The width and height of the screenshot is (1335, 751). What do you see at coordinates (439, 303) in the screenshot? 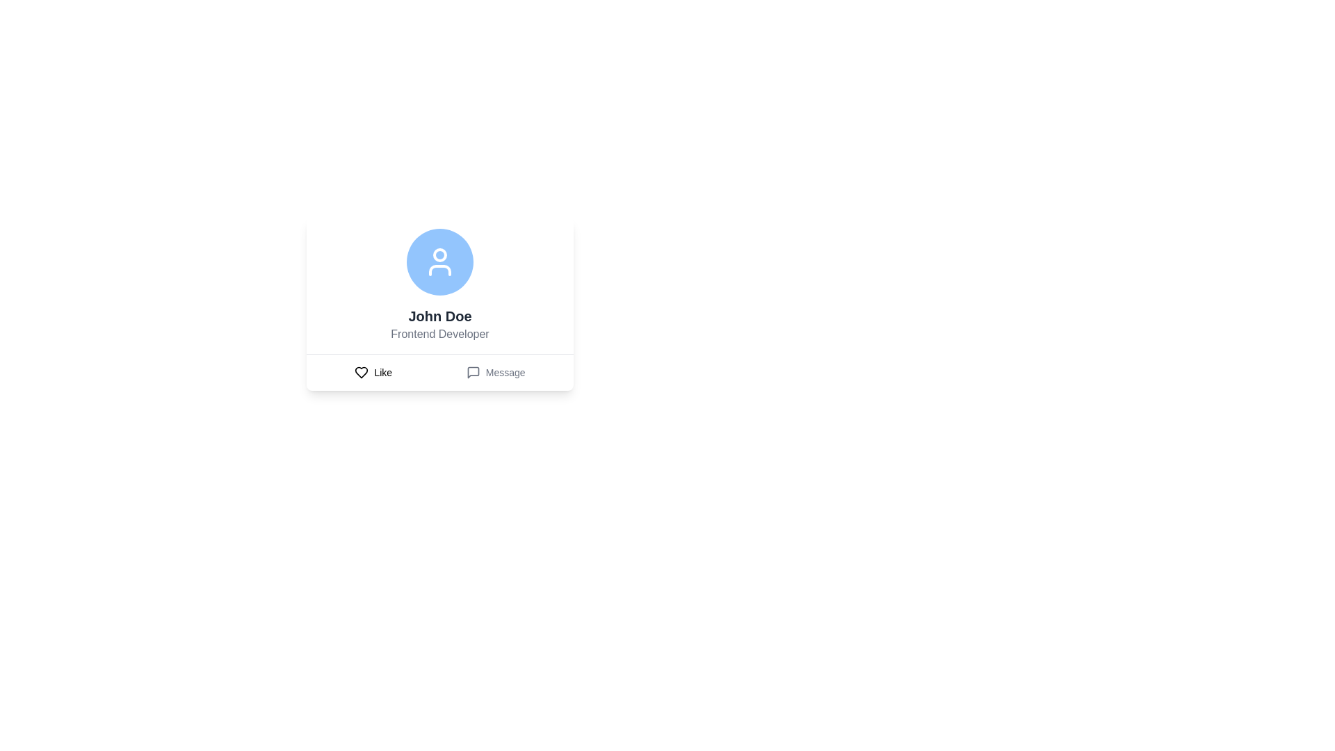
I see `the user name 'John Doe'` at bounding box center [439, 303].